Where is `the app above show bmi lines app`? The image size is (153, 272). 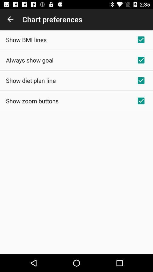 the app above show bmi lines app is located at coordinates (10, 19).